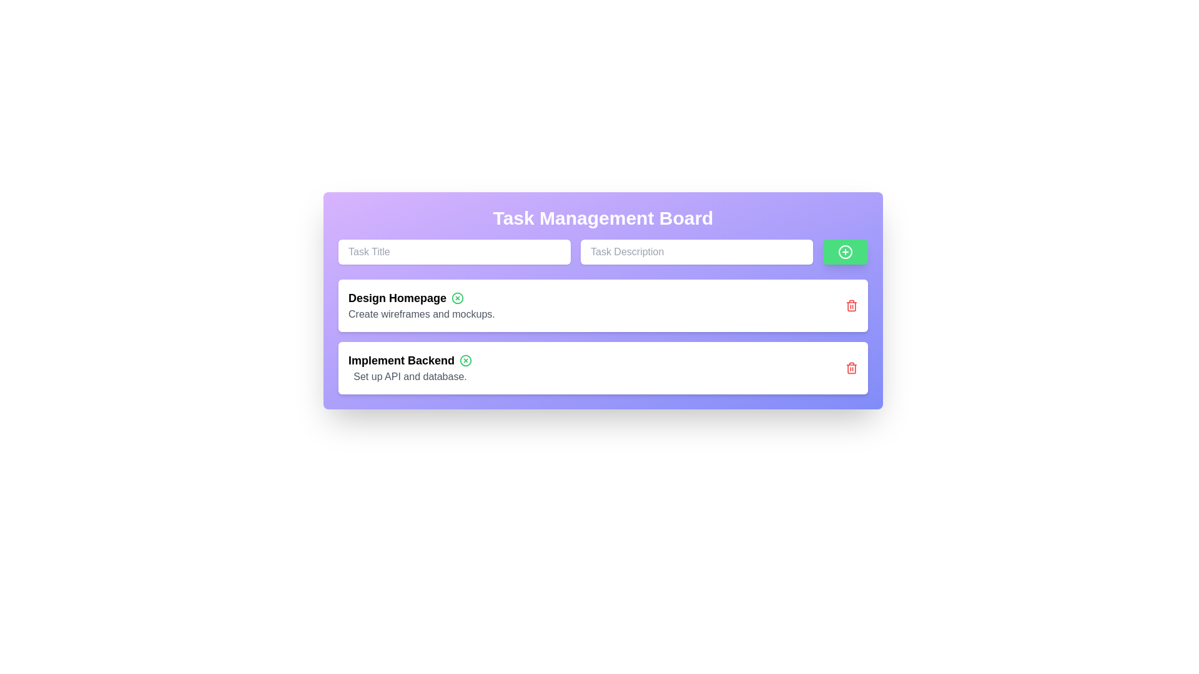  What do you see at coordinates (457, 298) in the screenshot?
I see `the interactive icon with a green border and X symbol located next to the task title 'Design Homepage'` at bounding box center [457, 298].